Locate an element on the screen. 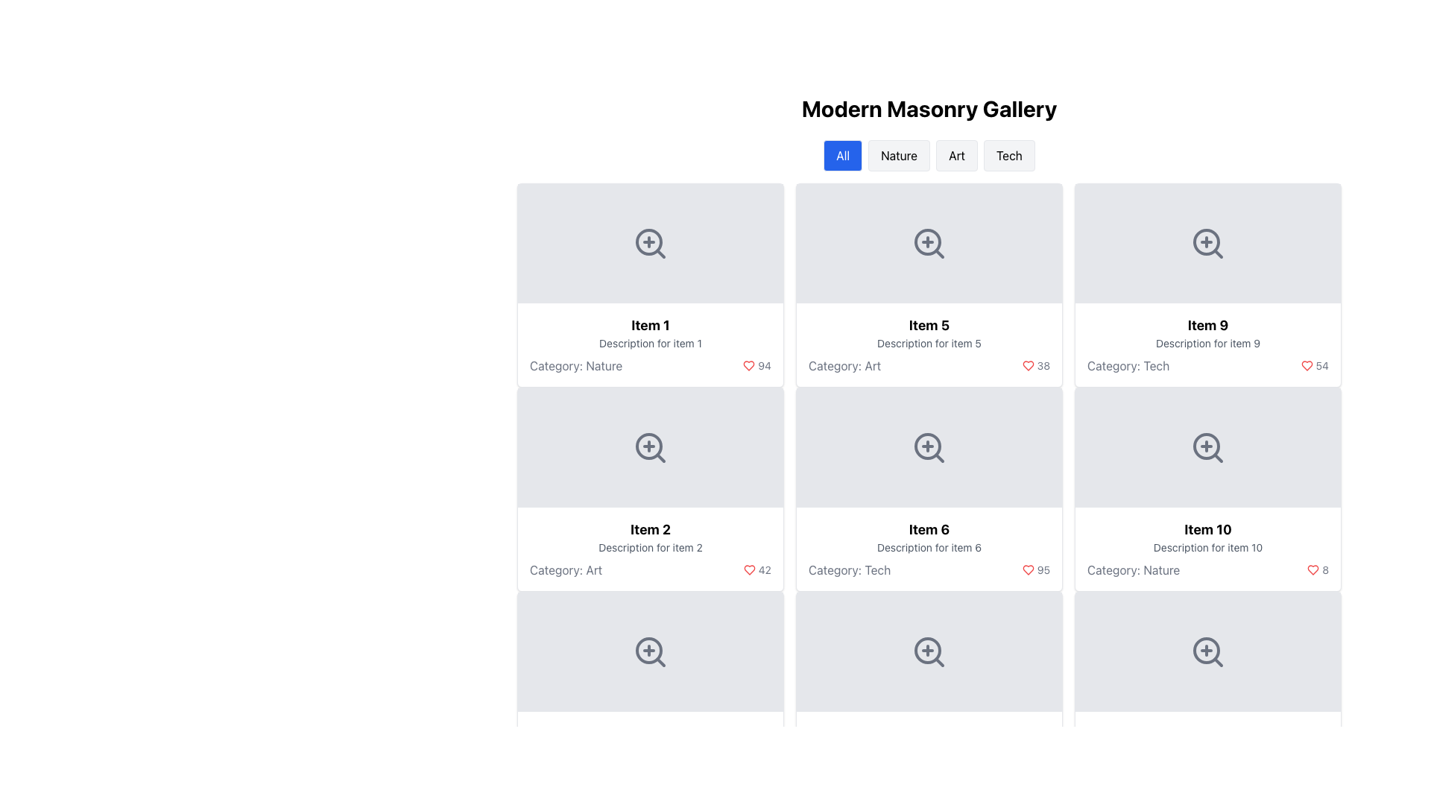 This screenshot has width=1431, height=805. the static text element representing a counter or metric located in the bottom-right corner of the 'Item 2' card, which follows a red heart icon is located at coordinates (765, 569).